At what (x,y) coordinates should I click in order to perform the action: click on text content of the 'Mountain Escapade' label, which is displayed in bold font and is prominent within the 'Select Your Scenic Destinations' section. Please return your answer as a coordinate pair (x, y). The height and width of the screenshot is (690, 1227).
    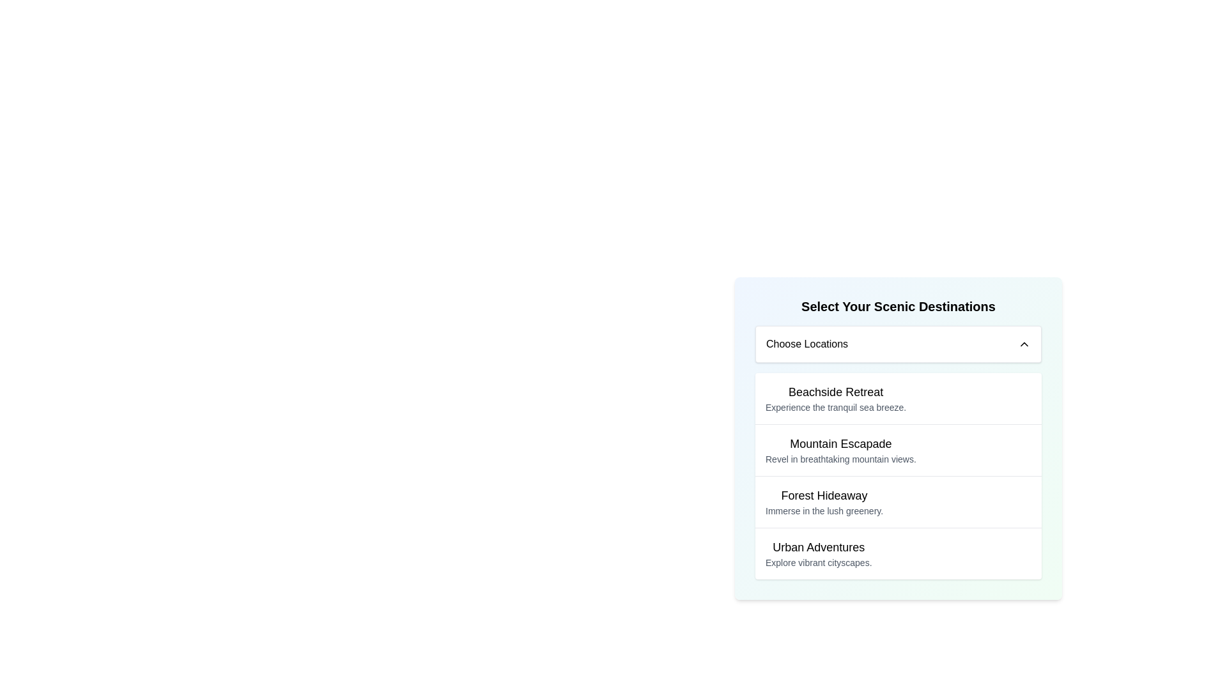
    Looking at the image, I should click on (840, 443).